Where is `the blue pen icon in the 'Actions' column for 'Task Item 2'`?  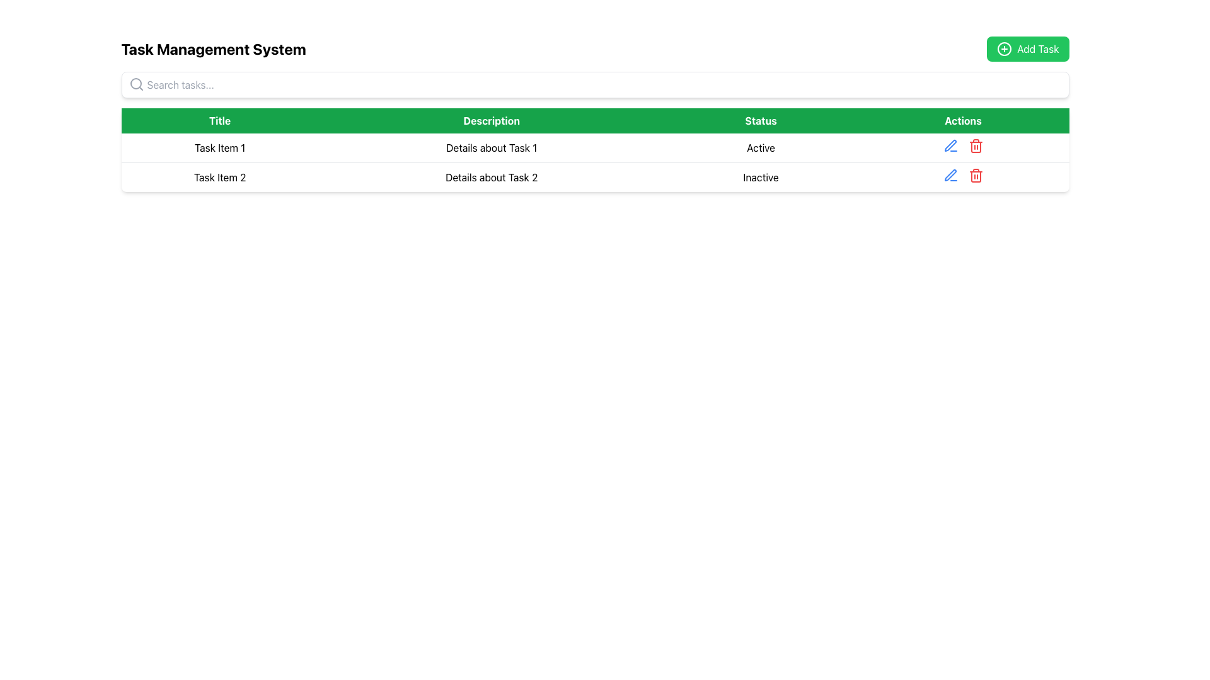
the blue pen icon in the 'Actions' column for 'Task Item 2' is located at coordinates (950, 145).